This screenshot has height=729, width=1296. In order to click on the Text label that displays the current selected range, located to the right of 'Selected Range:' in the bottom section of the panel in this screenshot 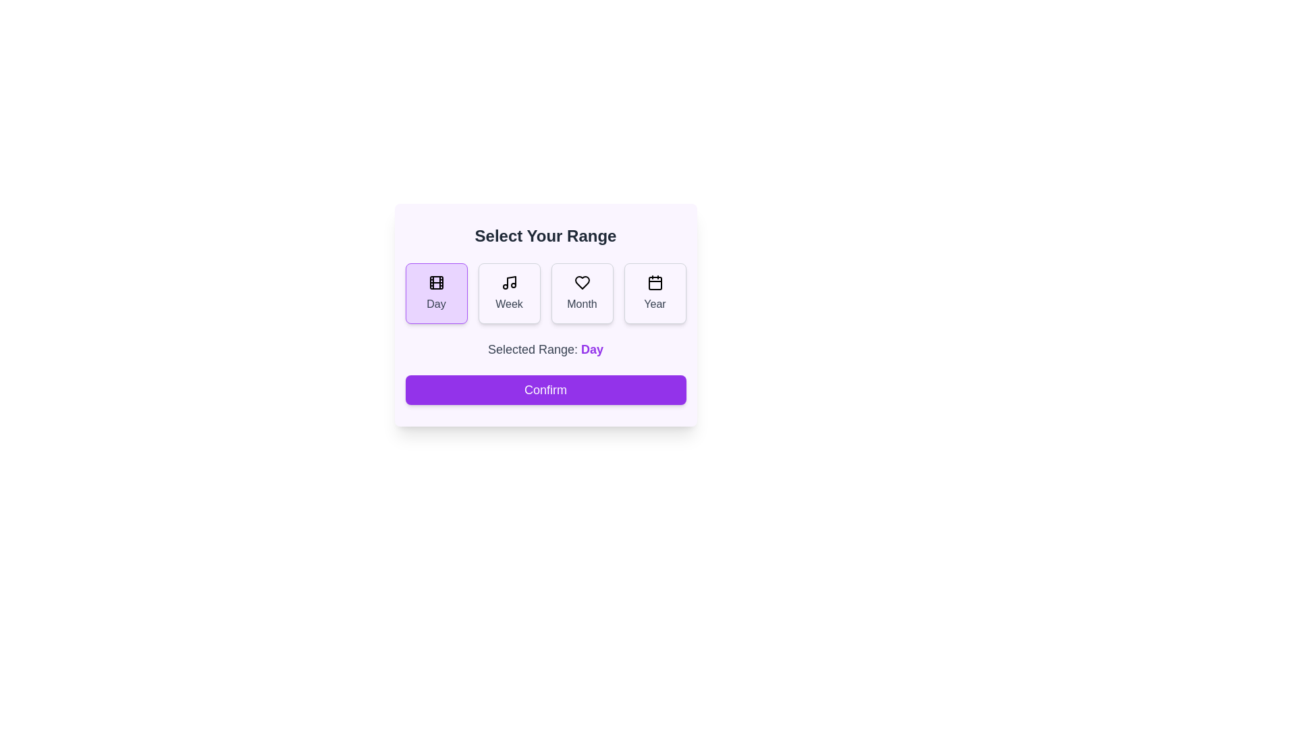, I will do `click(592, 348)`.